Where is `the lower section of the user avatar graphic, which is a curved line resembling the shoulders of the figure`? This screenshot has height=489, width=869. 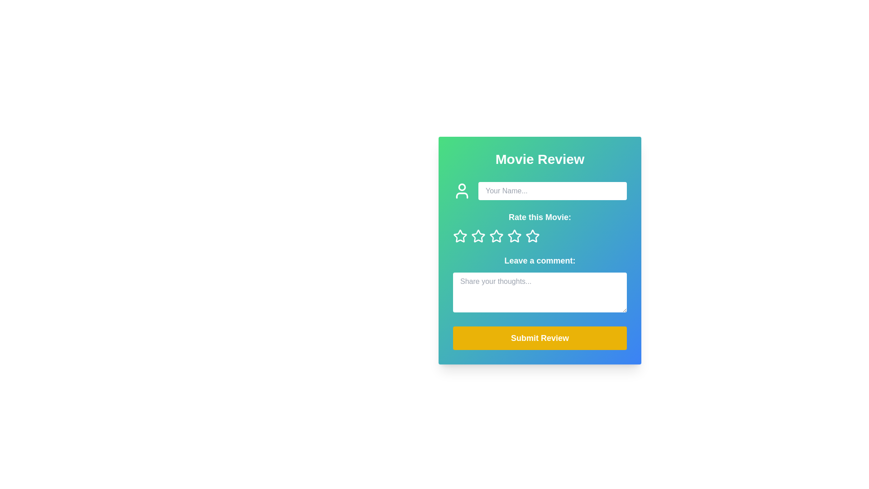
the lower section of the user avatar graphic, which is a curved line resembling the shoulders of the figure is located at coordinates (462, 195).